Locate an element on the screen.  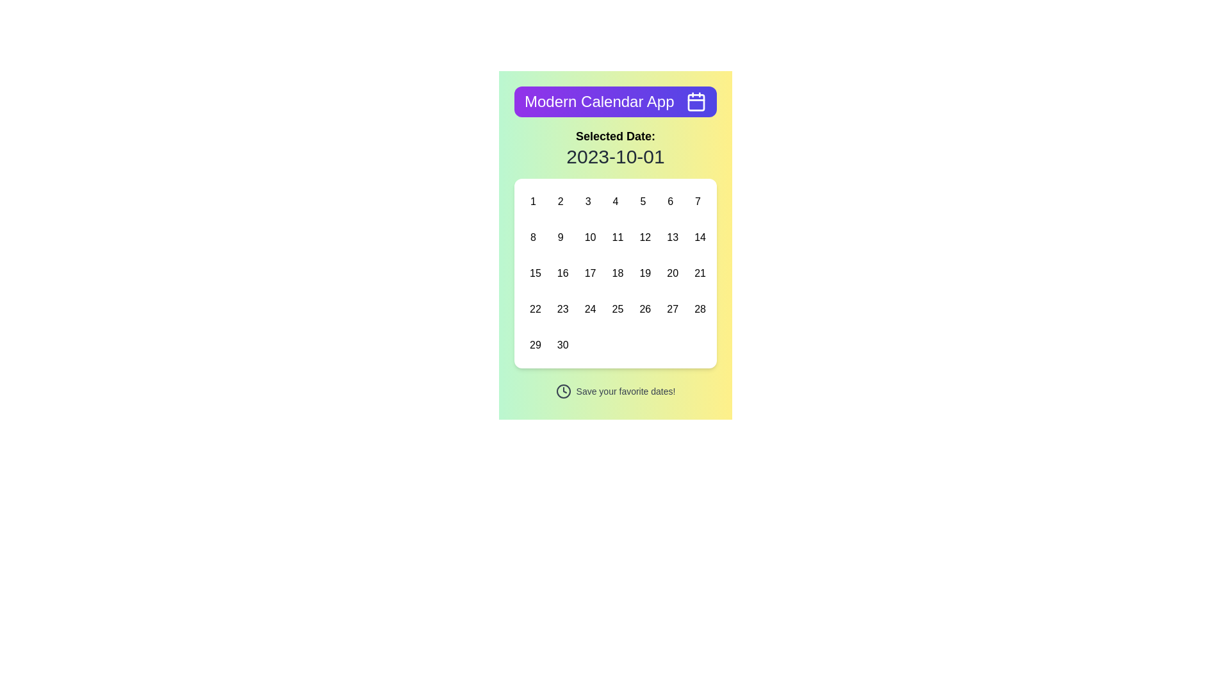
the button displaying the numeral '8' is located at coordinates (533, 237).